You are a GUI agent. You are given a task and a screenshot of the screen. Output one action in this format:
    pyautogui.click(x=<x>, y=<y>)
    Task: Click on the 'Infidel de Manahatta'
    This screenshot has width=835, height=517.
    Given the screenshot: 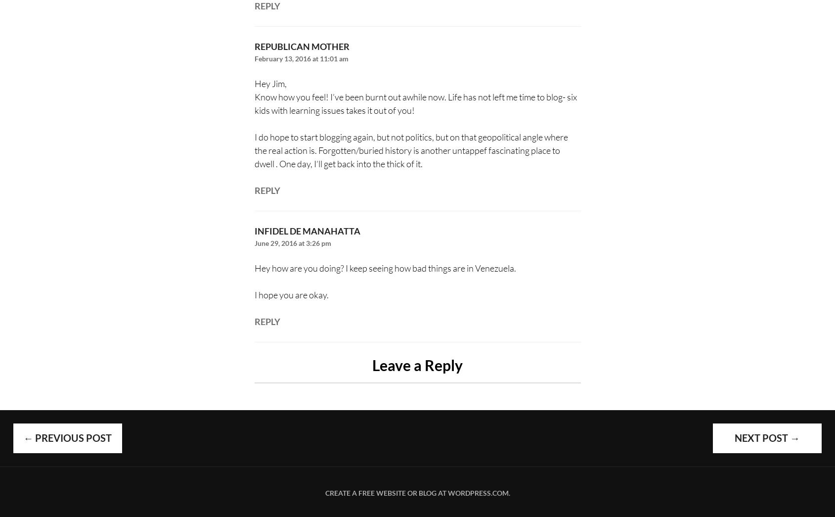 What is the action you would take?
    pyautogui.click(x=307, y=231)
    